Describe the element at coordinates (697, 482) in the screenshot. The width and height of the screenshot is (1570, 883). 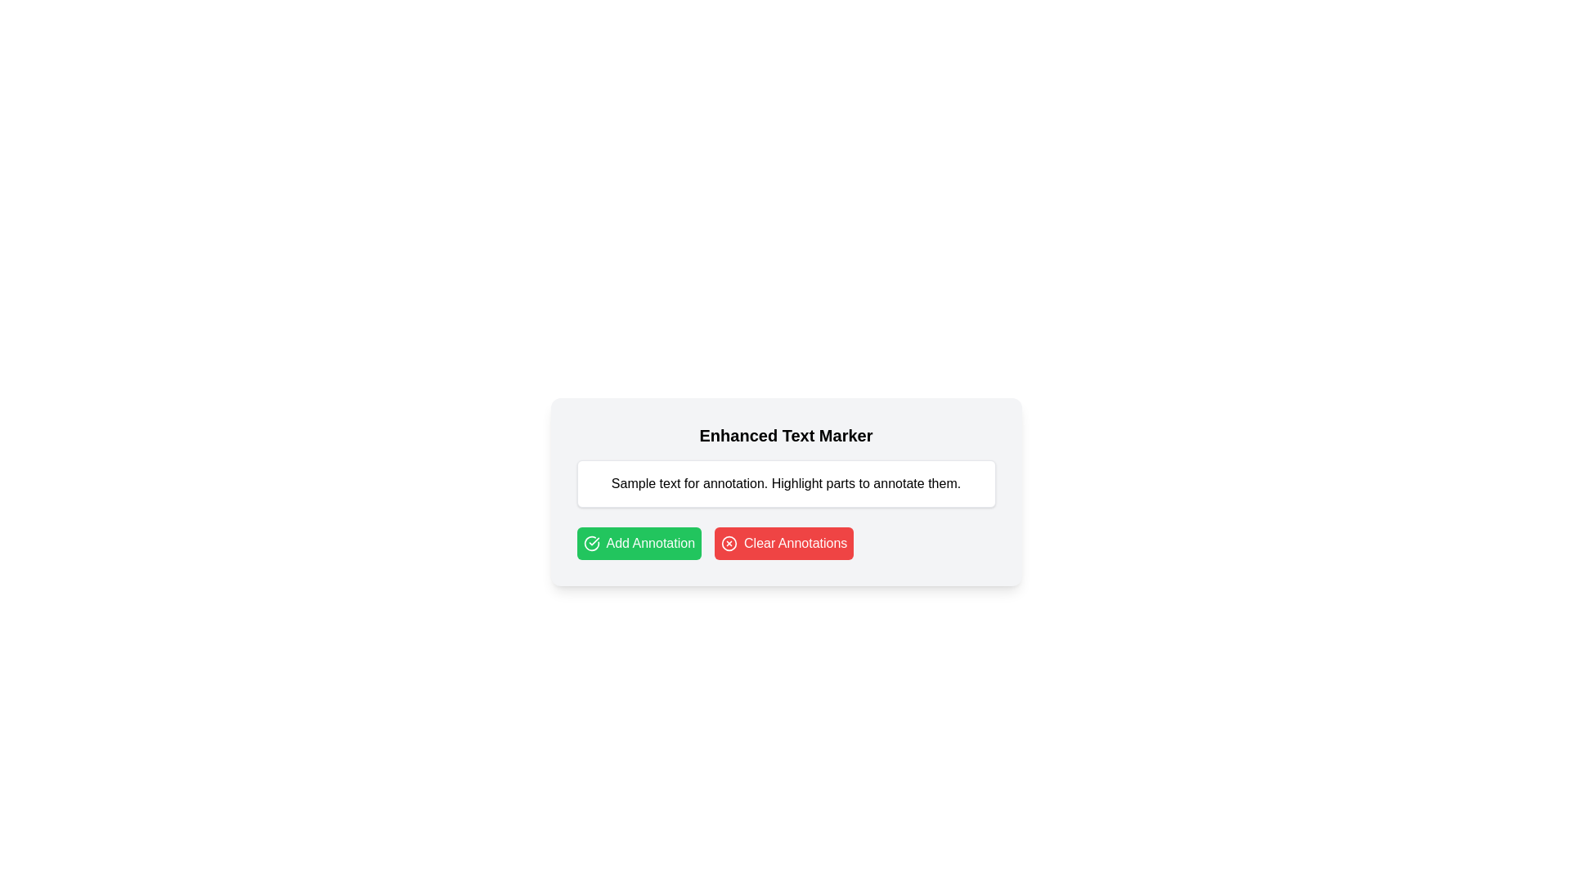
I see `the 15th character of the text label located within the text input field, which is positioned in the center of the interface, following the letter 'o'` at that location.